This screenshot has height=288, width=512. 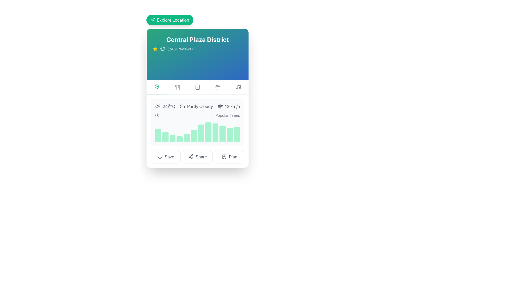 I want to click on the 'Share' button, which is a rectangular button with rounded corners, a white background, and gray border, located between the 'Save' and 'Plan' buttons at the bottom of the interface, so click(x=197, y=156).